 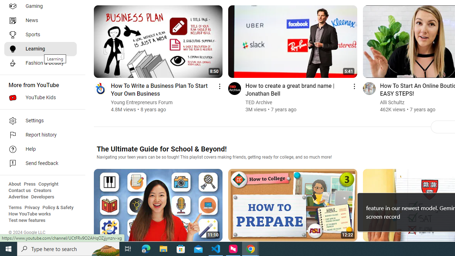 I want to click on 'Developers', so click(x=42, y=197).